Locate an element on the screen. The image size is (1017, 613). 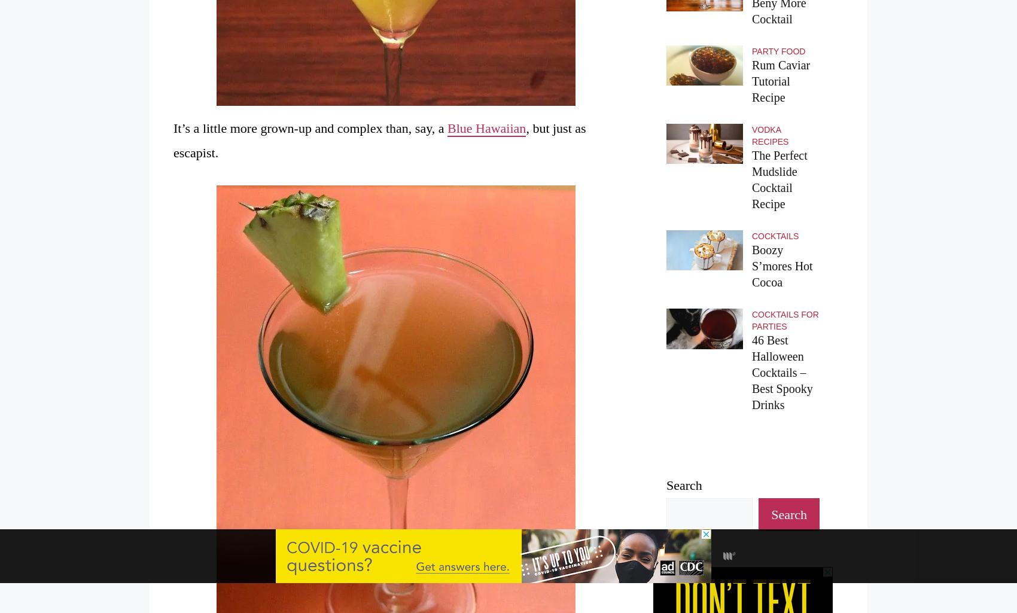
'Blue Hawaiian' is located at coordinates (486, 127).